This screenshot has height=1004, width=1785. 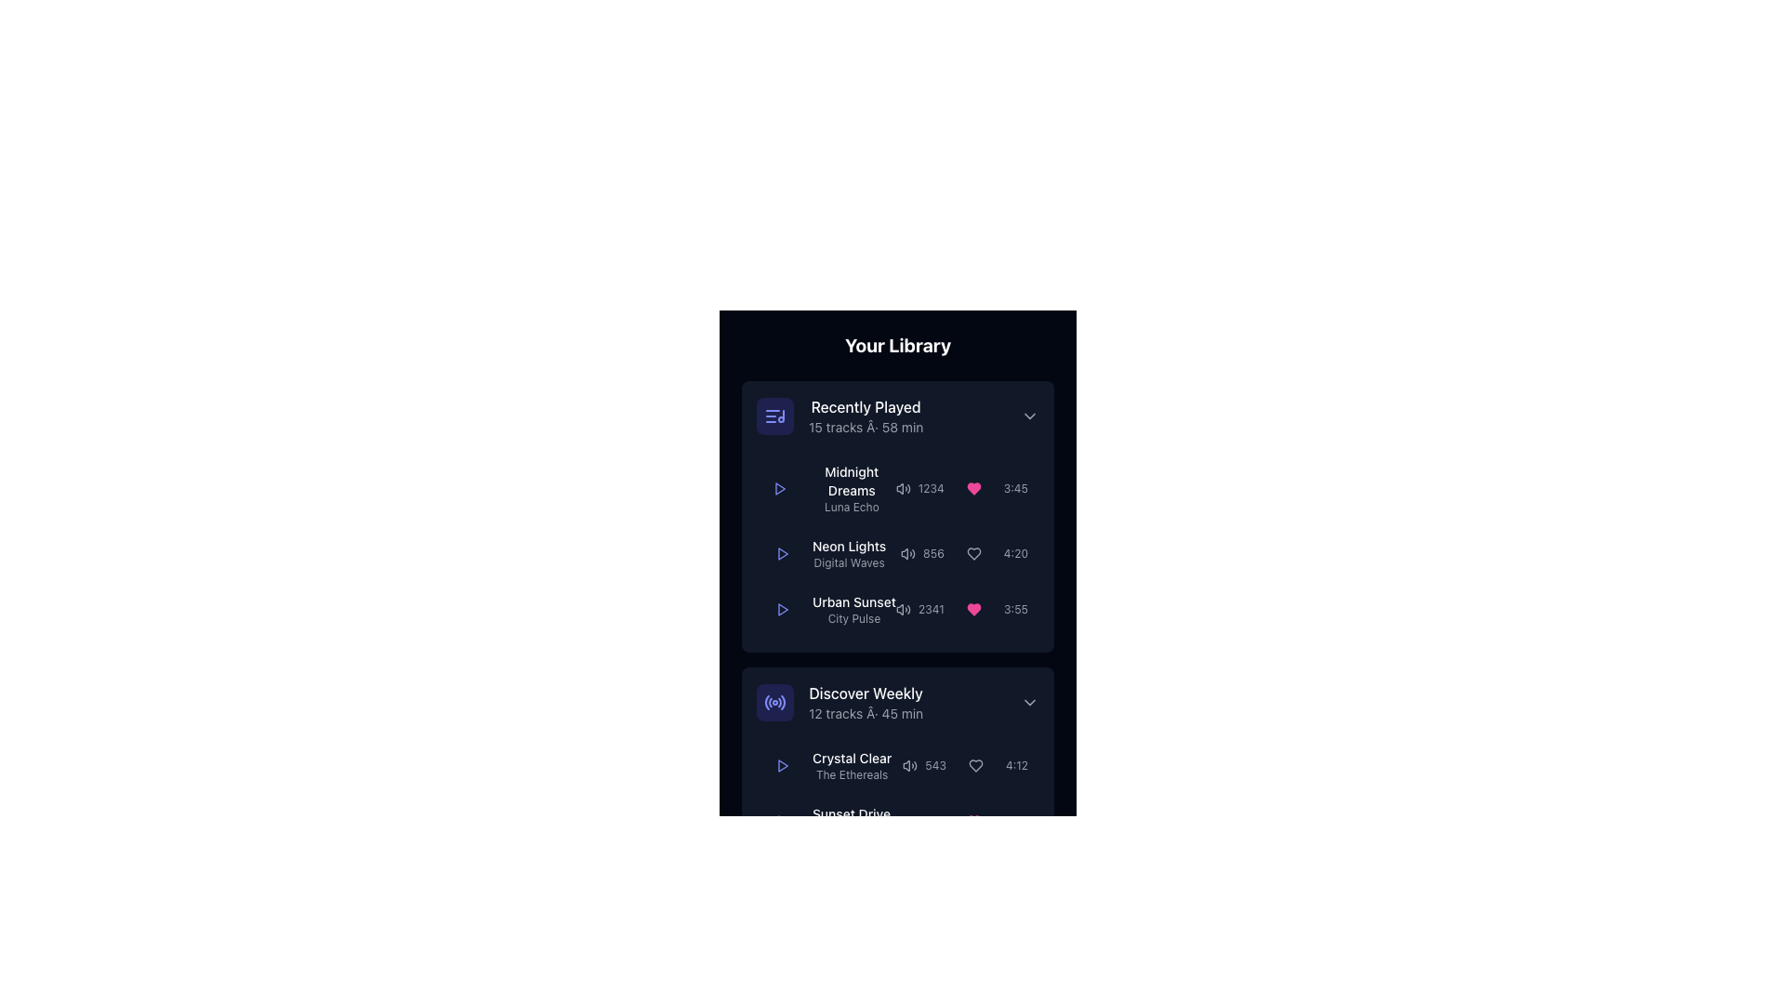 What do you see at coordinates (865, 693) in the screenshot?
I see `text from the text label that identifies the playlist in the 'Discover Weekly' section of 'Your Library'` at bounding box center [865, 693].